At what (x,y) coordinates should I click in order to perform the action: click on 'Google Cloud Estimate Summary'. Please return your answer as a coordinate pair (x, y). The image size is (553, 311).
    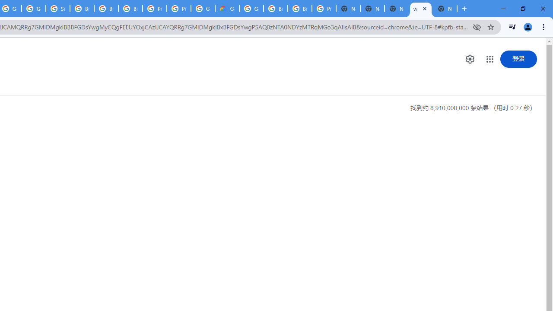
    Looking at the image, I should click on (227, 9).